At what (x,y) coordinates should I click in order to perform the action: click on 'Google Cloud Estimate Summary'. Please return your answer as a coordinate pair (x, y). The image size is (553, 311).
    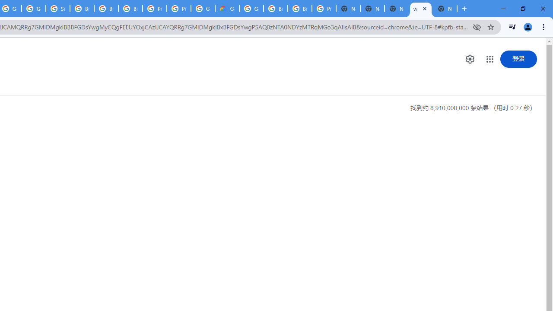
    Looking at the image, I should click on (227, 9).